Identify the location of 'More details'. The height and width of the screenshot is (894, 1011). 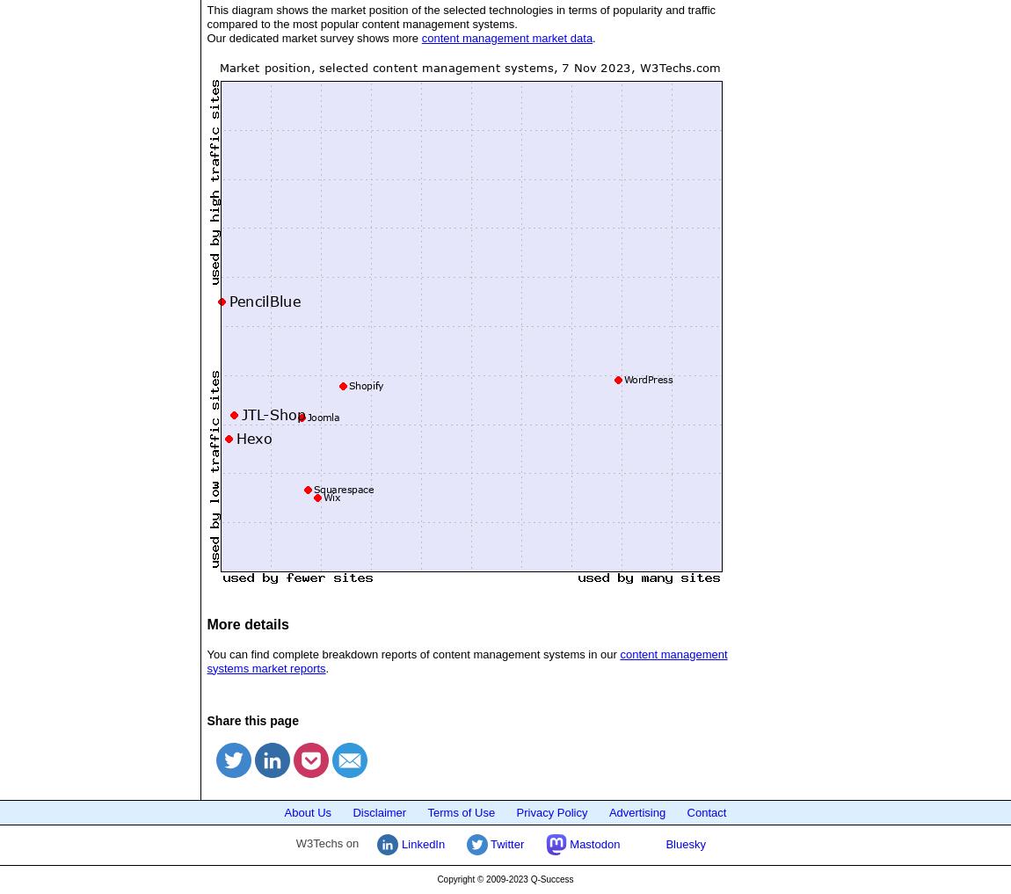
(246, 622).